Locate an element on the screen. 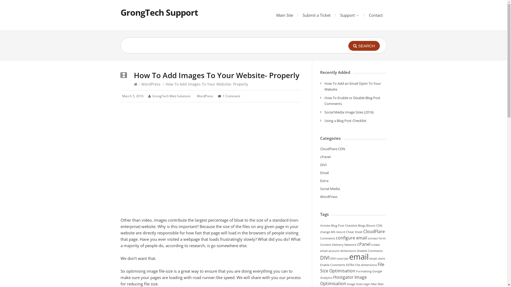 The image size is (511, 287). '1 Comment' is located at coordinates (231, 96).